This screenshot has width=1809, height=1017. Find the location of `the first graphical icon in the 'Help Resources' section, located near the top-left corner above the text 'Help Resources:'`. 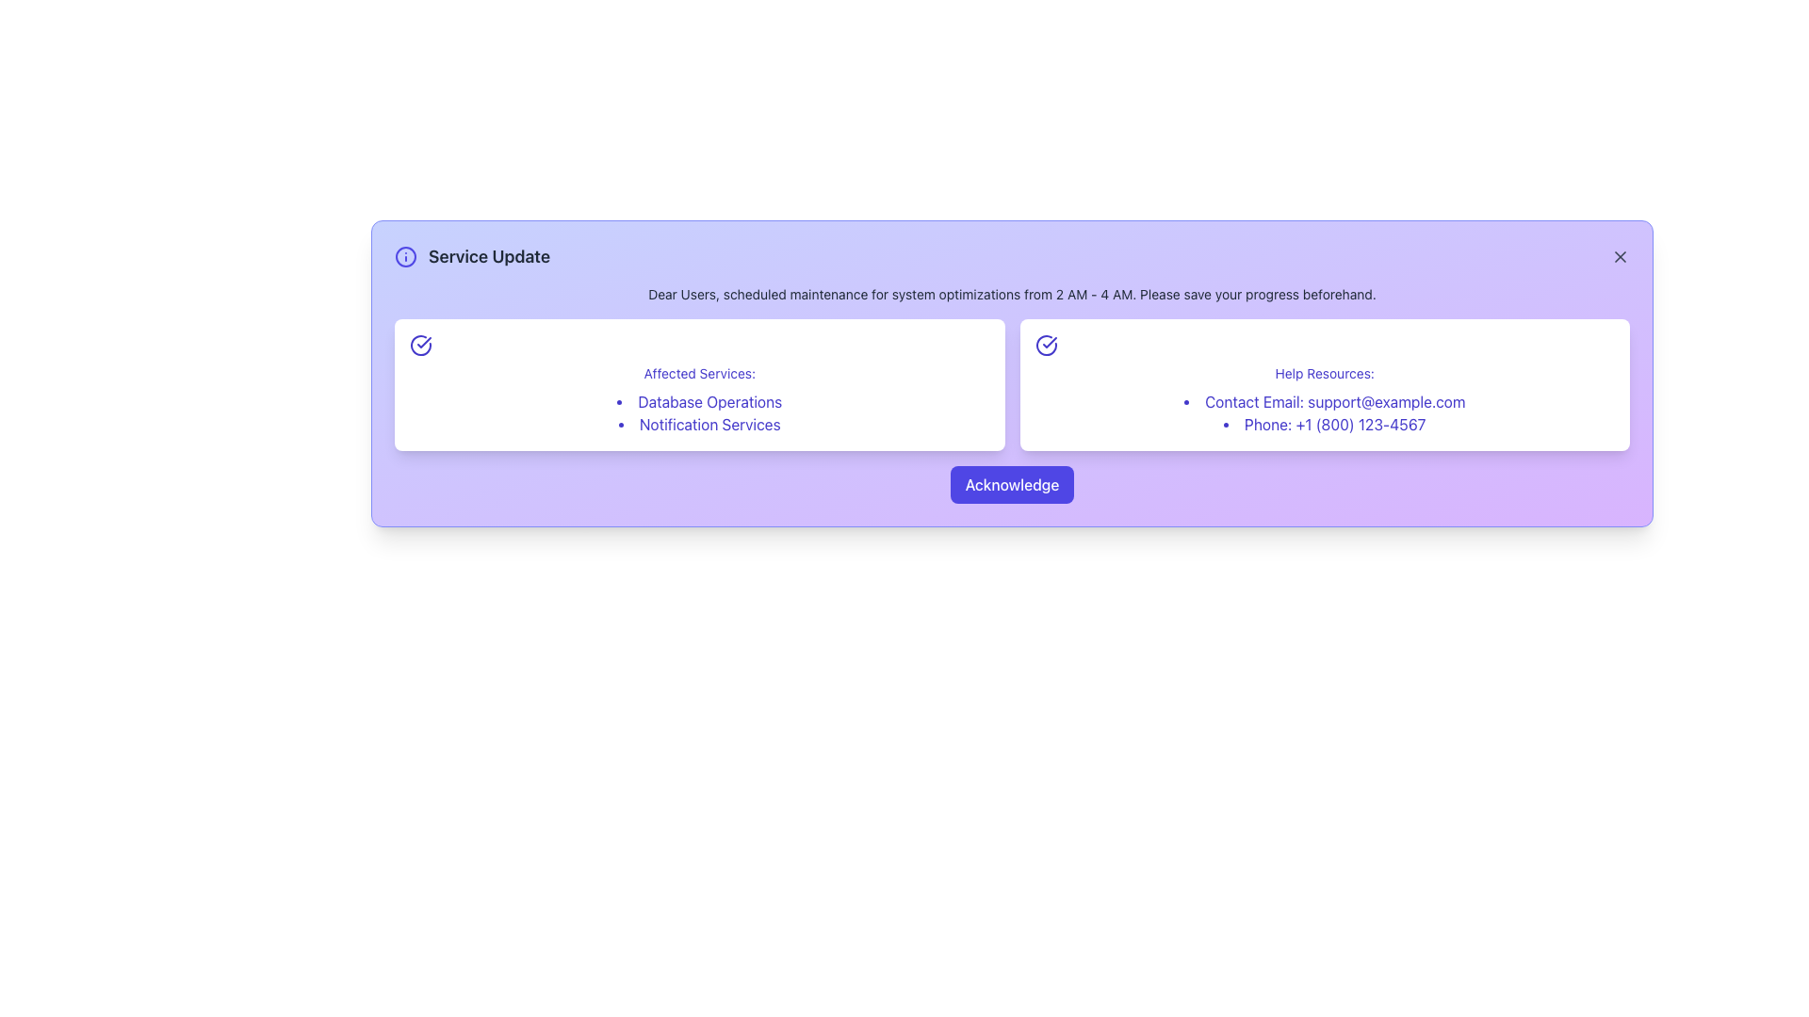

the first graphical icon in the 'Help Resources' section, located near the top-left corner above the text 'Help Resources:' is located at coordinates (1045, 345).